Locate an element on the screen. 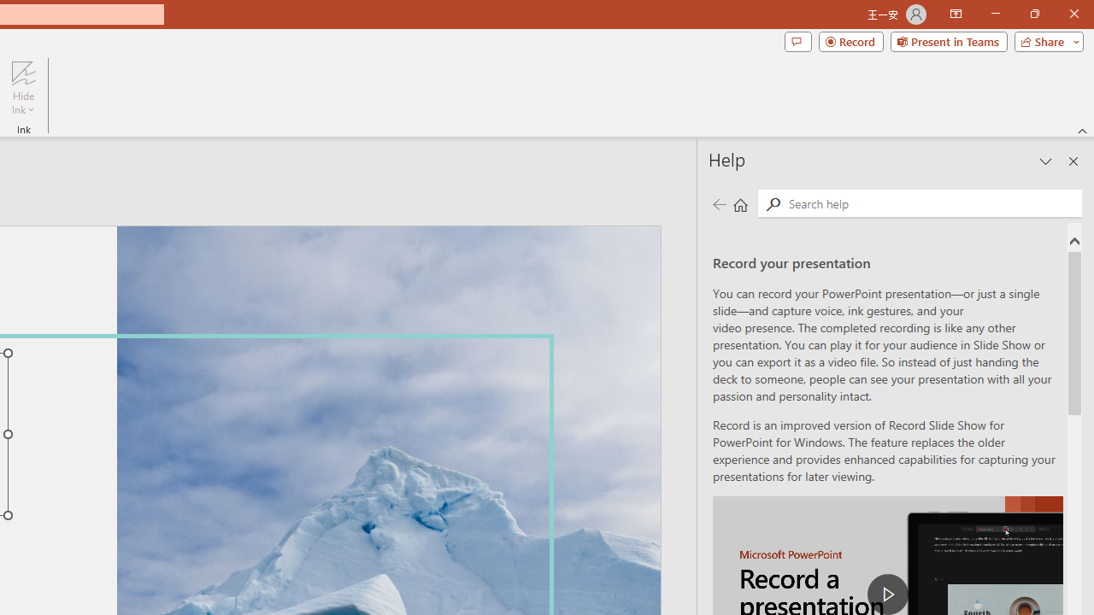  'Hide Ink' is located at coordinates (23, 72).